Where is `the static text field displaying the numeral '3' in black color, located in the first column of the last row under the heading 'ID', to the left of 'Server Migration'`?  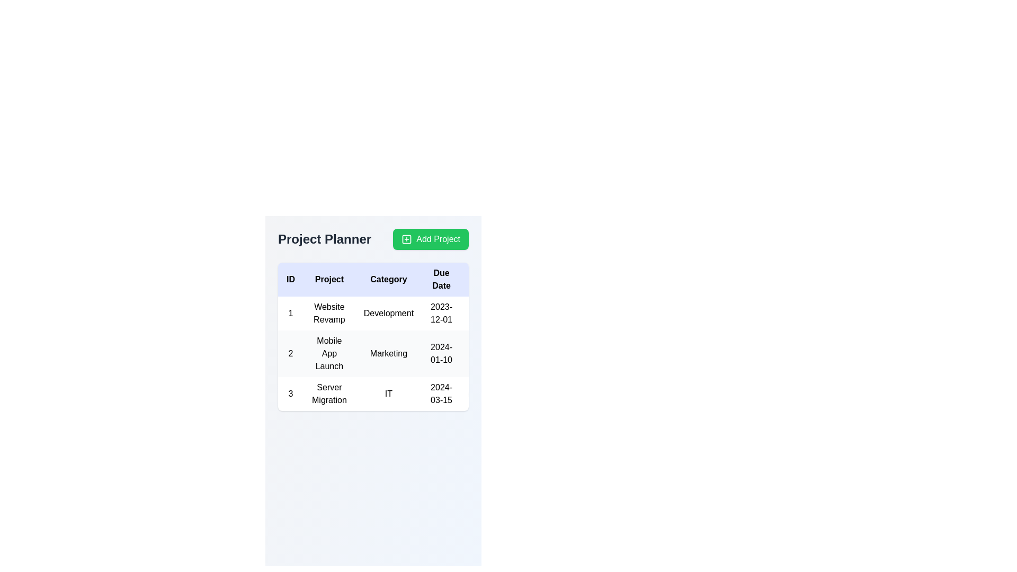
the static text field displaying the numeral '3' in black color, located in the first column of the last row under the heading 'ID', to the left of 'Server Migration' is located at coordinates (290, 394).